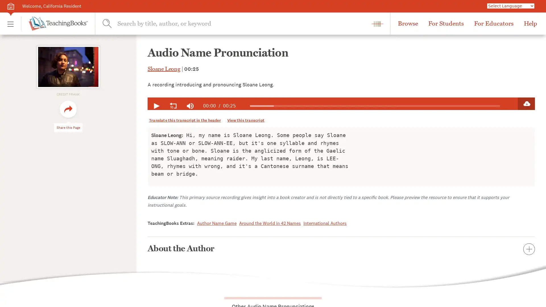  What do you see at coordinates (173, 106) in the screenshot?
I see `Rewind 10 Seconds` at bounding box center [173, 106].